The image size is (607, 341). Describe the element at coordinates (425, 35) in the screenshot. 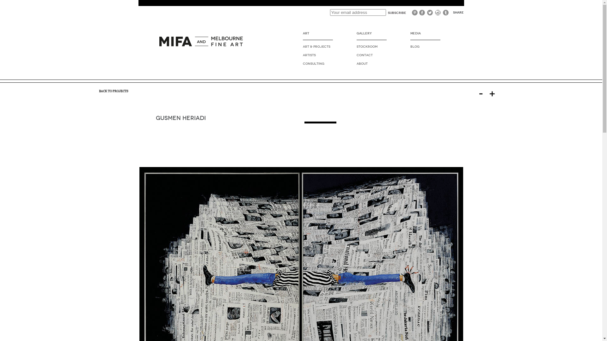

I see `'MEDIA'` at that location.